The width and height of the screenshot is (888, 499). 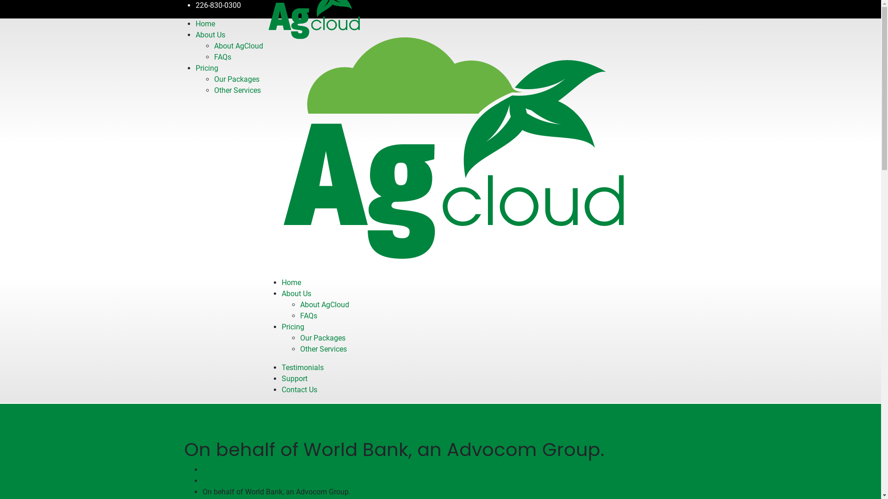 What do you see at coordinates (324, 304) in the screenshot?
I see `'About AgCloud'` at bounding box center [324, 304].